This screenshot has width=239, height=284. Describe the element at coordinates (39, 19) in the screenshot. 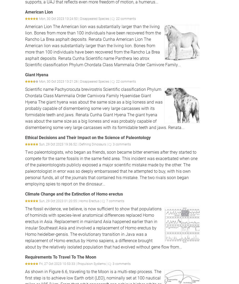

I see `'Mon, 30 Oct 2023 13:24:50                                    |'` at that location.